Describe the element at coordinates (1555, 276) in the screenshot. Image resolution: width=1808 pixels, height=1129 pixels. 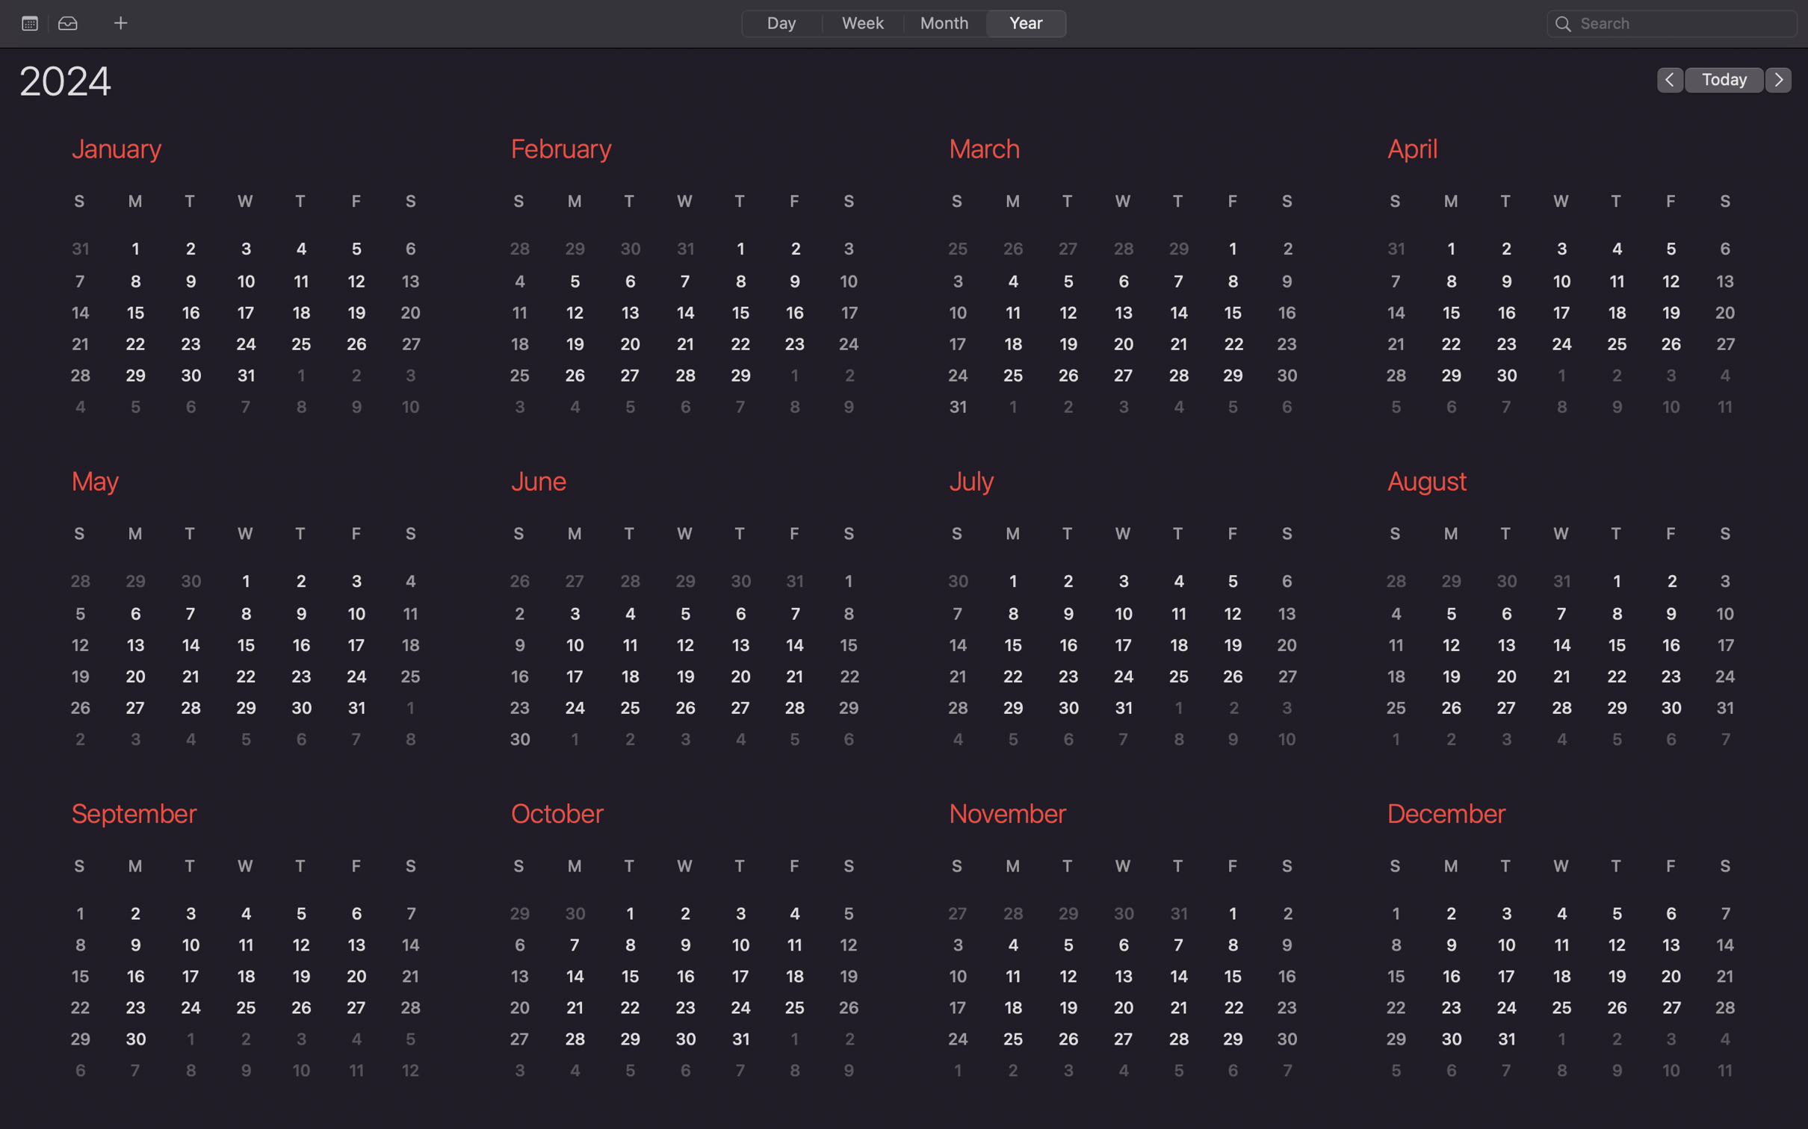
I see `Enlarge the April month"s calendar for better readability` at that location.